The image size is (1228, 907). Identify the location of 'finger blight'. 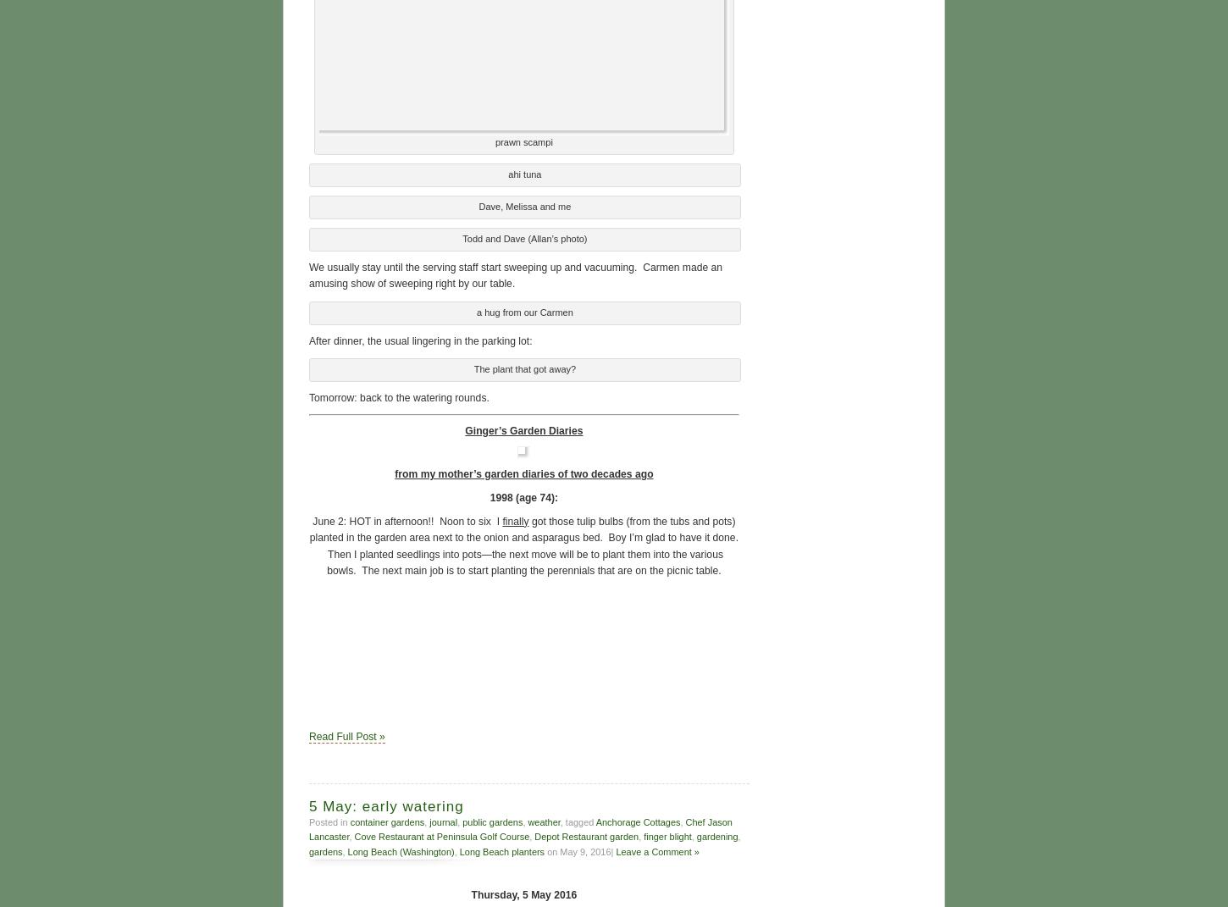
(643, 833).